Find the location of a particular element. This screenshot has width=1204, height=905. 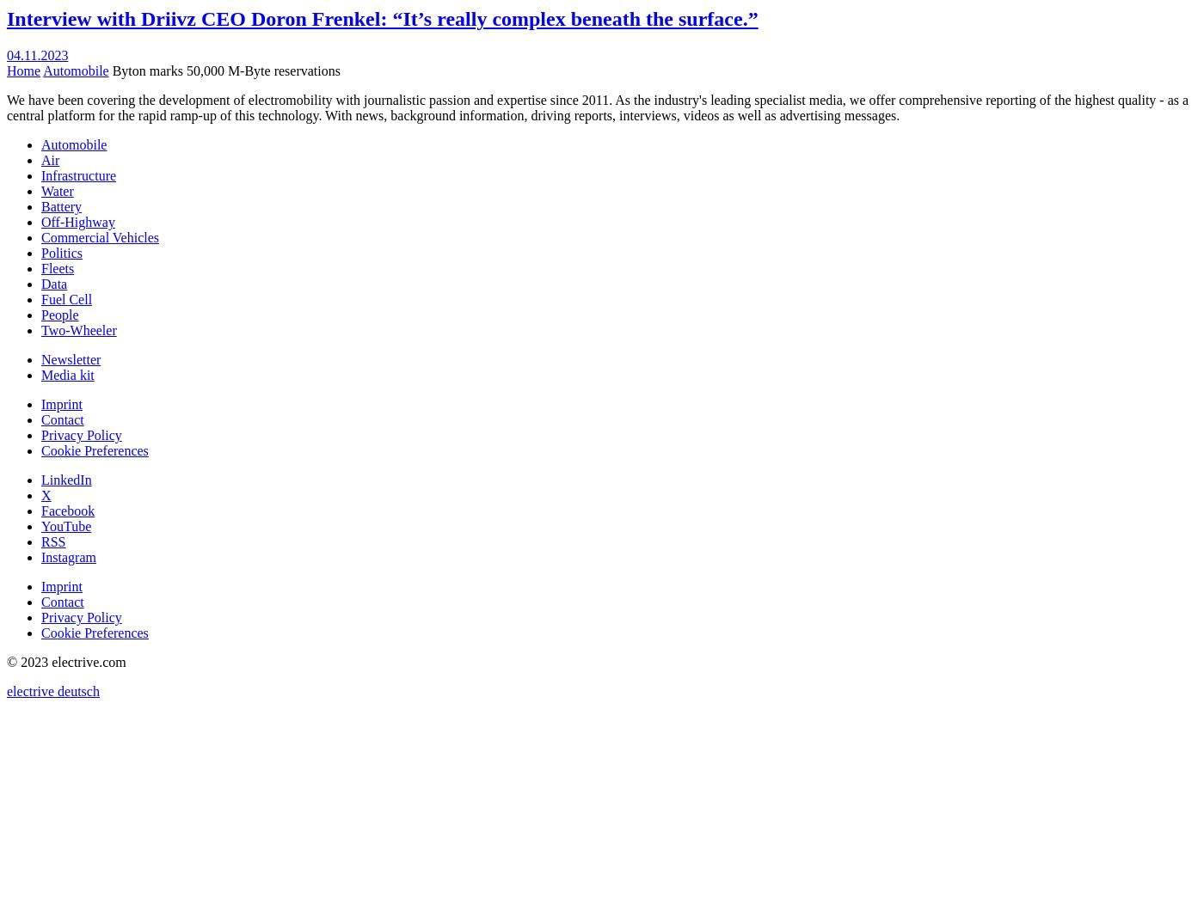

'04.11.2023' is located at coordinates (6, 54).